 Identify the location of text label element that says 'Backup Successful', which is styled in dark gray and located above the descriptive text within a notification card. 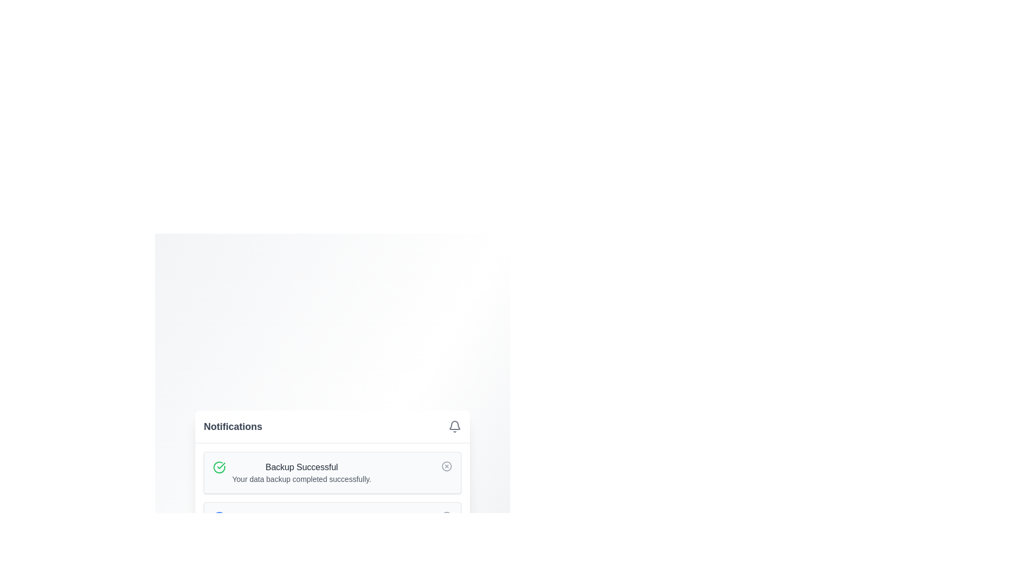
(301, 466).